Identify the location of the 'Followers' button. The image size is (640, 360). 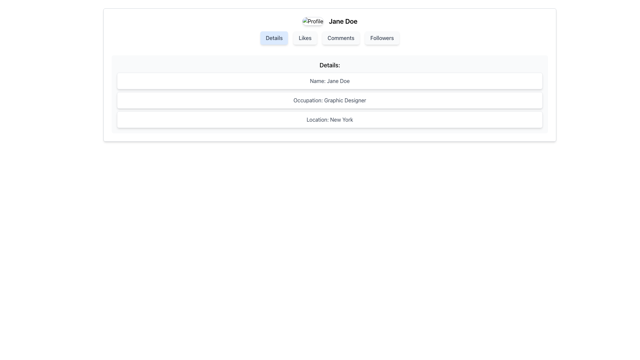
(382, 38).